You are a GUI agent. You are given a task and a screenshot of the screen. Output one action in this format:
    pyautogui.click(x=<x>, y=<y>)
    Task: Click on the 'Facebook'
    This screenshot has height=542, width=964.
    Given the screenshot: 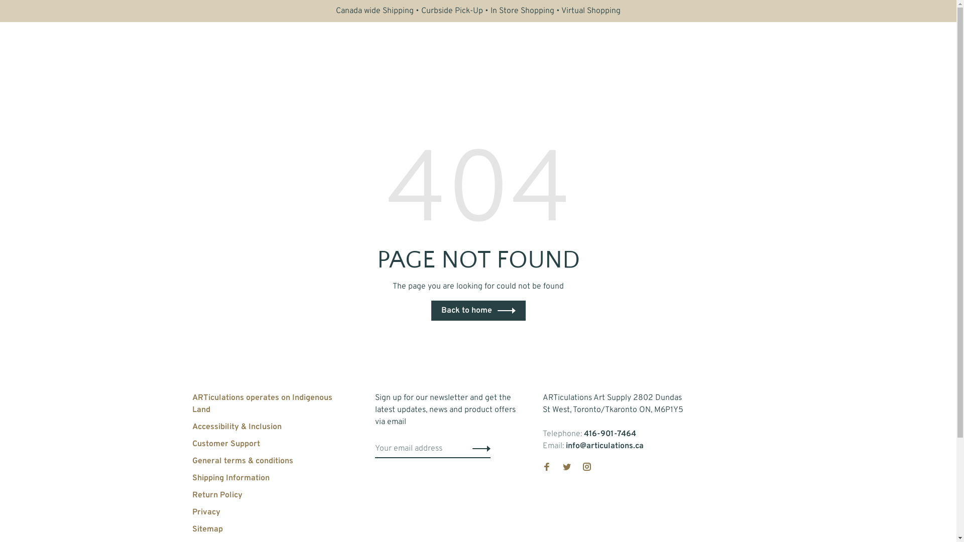 What is the action you would take?
    pyautogui.click(x=546, y=468)
    